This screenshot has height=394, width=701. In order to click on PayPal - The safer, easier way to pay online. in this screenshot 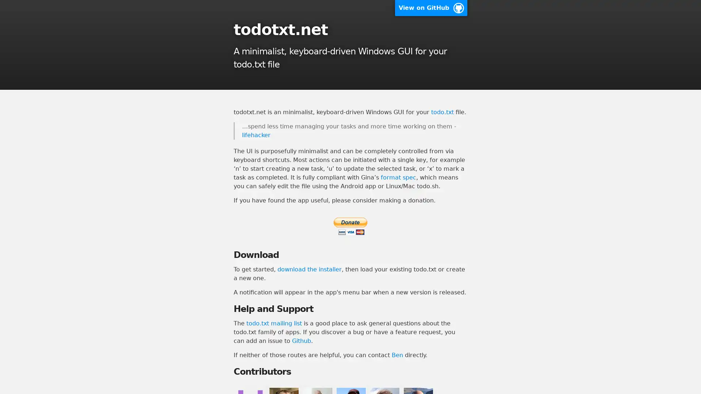, I will do `click(350, 226)`.